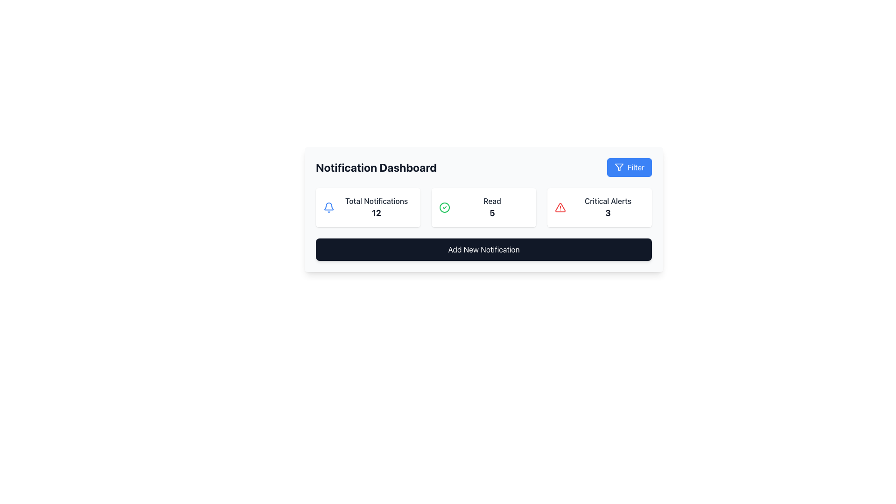  What do you see at coordinates (608, 207) in the screenshot?
I see `the Text Display element that shows 'Critical Alerts' and the number '3', located in the third card from the left with a red alert icon` at bounding box center [608, 207].